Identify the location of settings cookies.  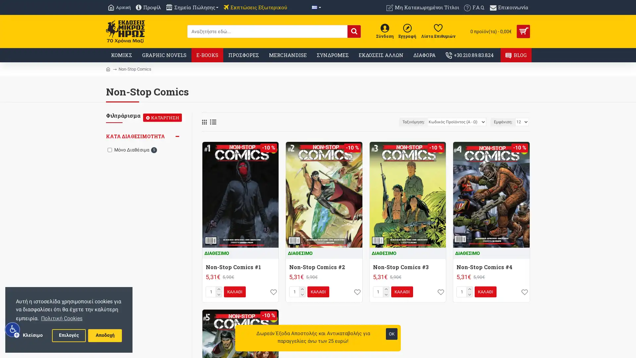
(69, 335).